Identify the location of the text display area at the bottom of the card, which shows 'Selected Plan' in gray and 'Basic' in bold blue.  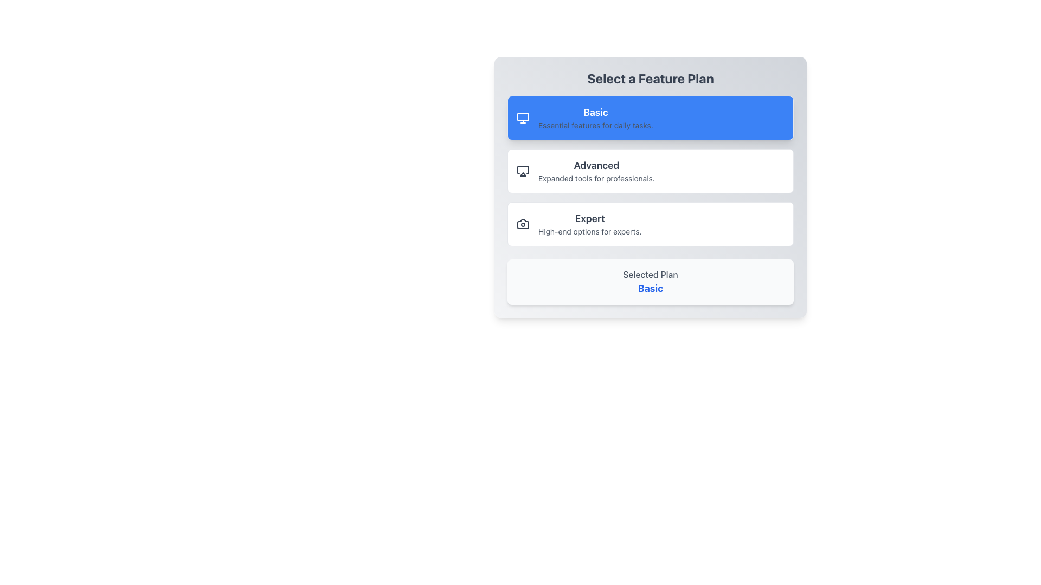
(651, 281).